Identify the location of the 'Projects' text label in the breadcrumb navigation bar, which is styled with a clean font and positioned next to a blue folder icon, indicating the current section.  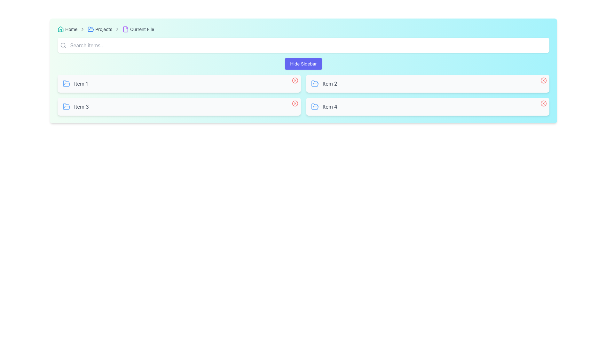
(104, 29).